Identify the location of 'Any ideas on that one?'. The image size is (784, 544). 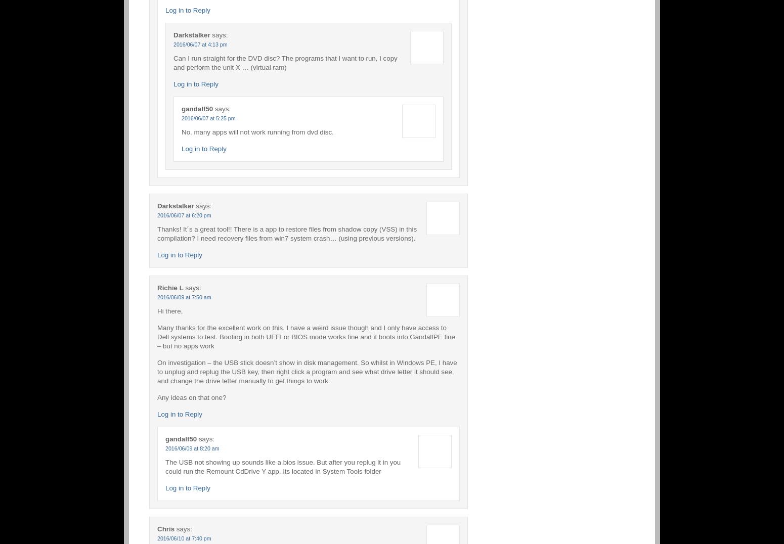
(191, 397).